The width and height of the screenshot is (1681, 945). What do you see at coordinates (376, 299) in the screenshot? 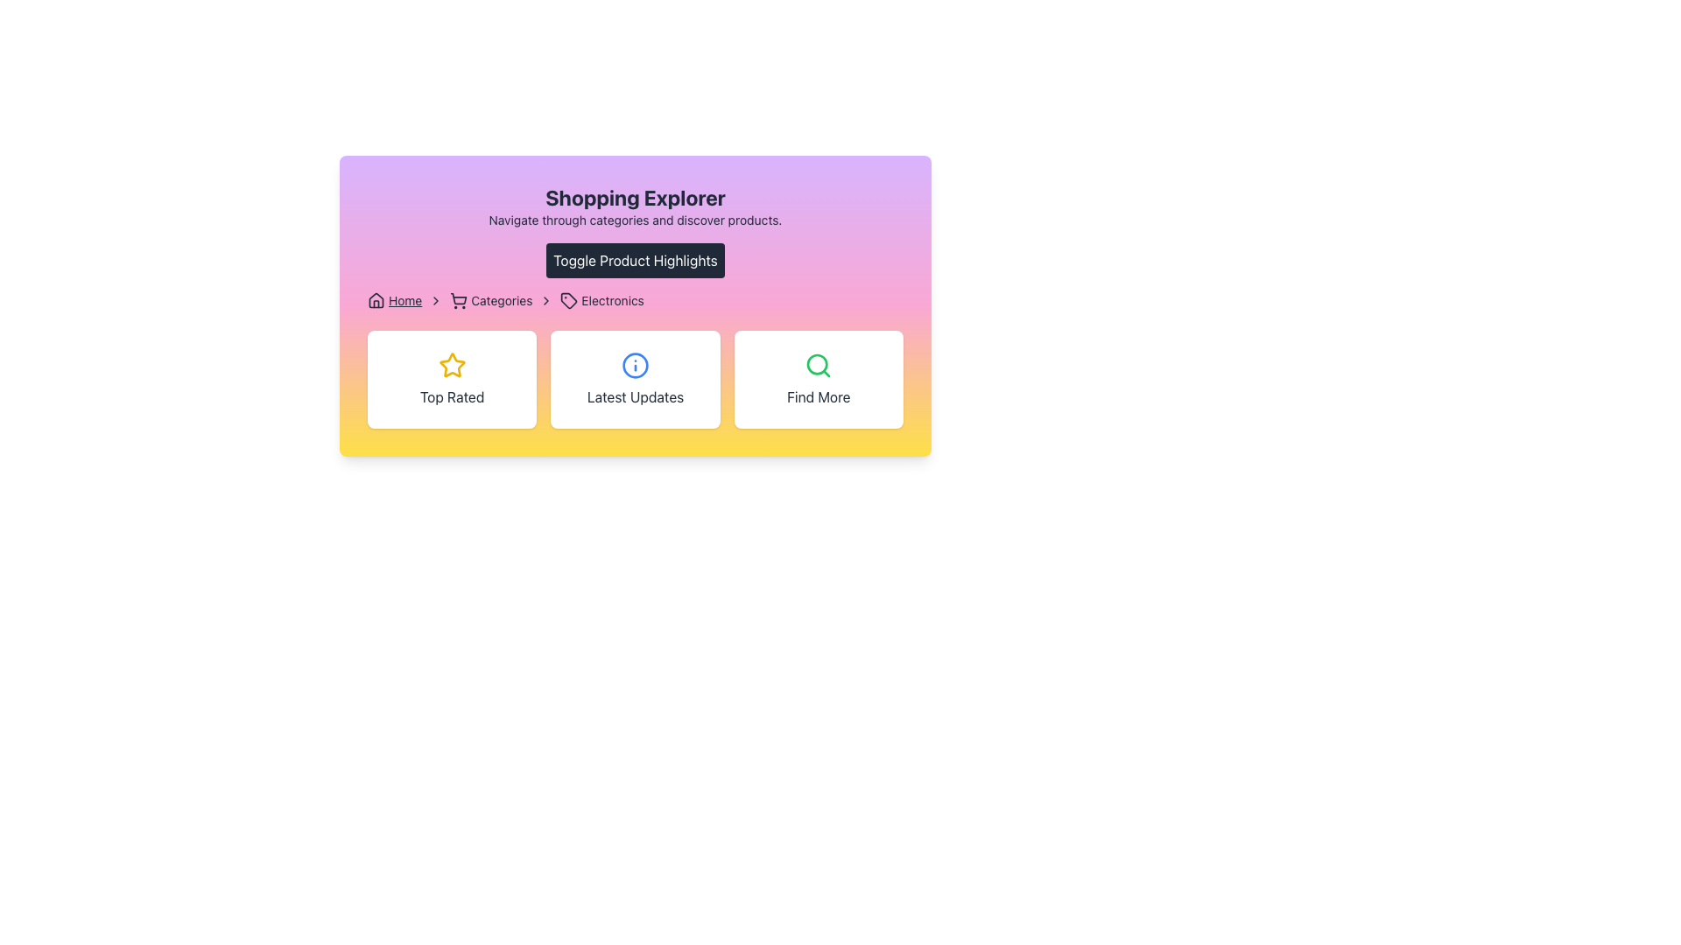
I see `the 'Home' icon in the breadcrumb navigation bar` at bounding box center [376, 299].